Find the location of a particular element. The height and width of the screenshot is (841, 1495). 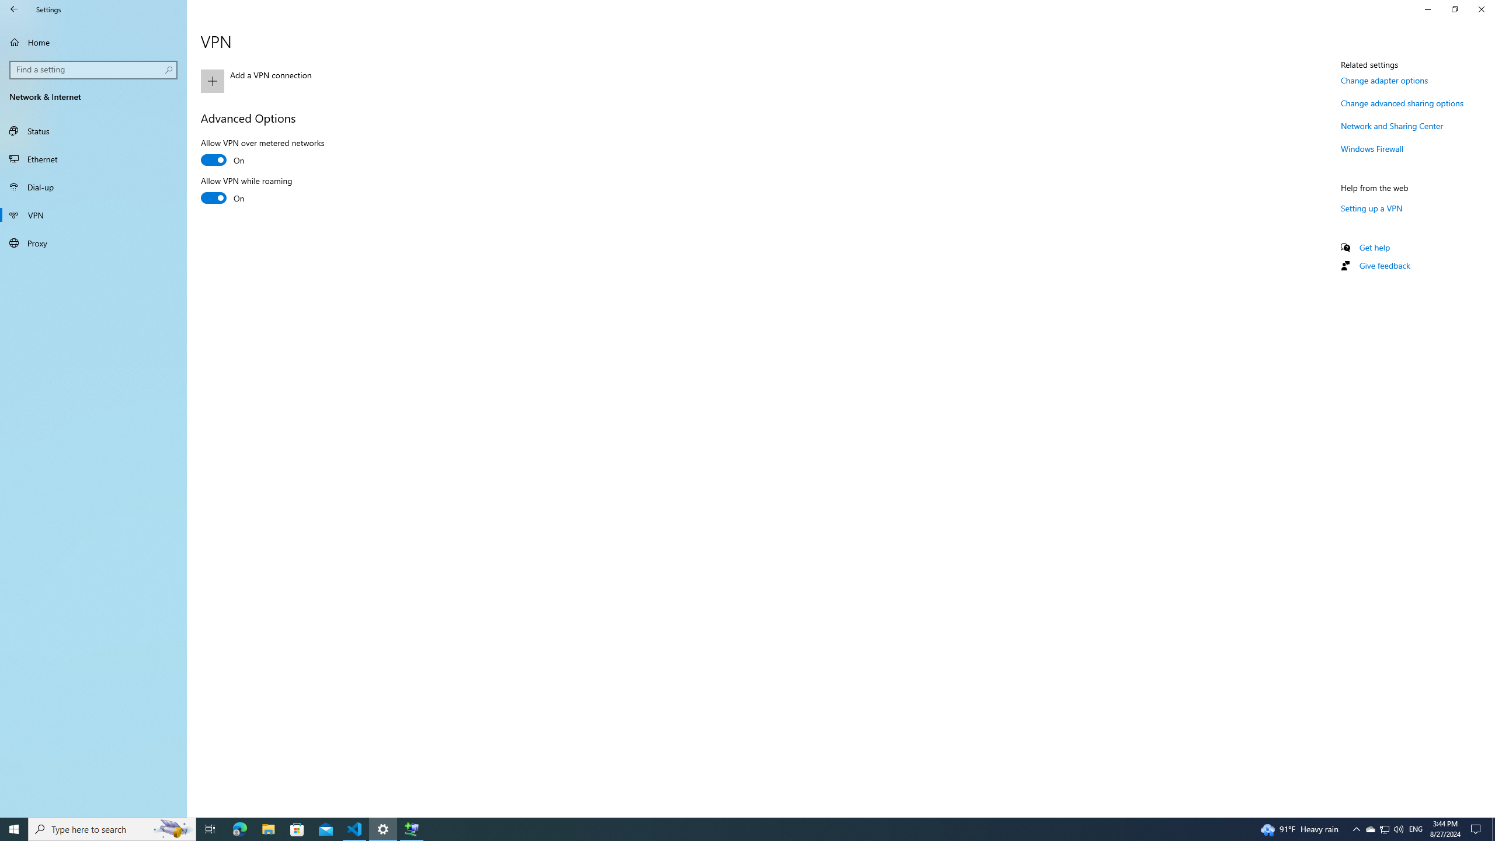

'Search box, Find a setting' is located at coordinates (93, 69).